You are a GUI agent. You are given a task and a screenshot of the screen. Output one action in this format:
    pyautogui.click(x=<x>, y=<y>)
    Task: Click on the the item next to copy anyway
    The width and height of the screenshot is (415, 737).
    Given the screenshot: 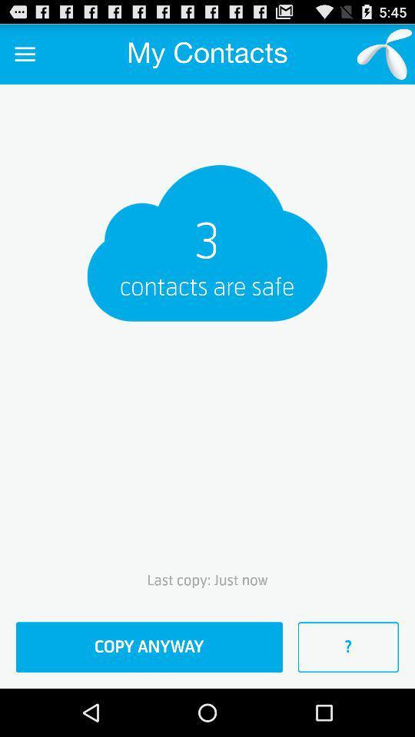 What is the action you would take?
    pyautogui.click(x=348, y=646)
    